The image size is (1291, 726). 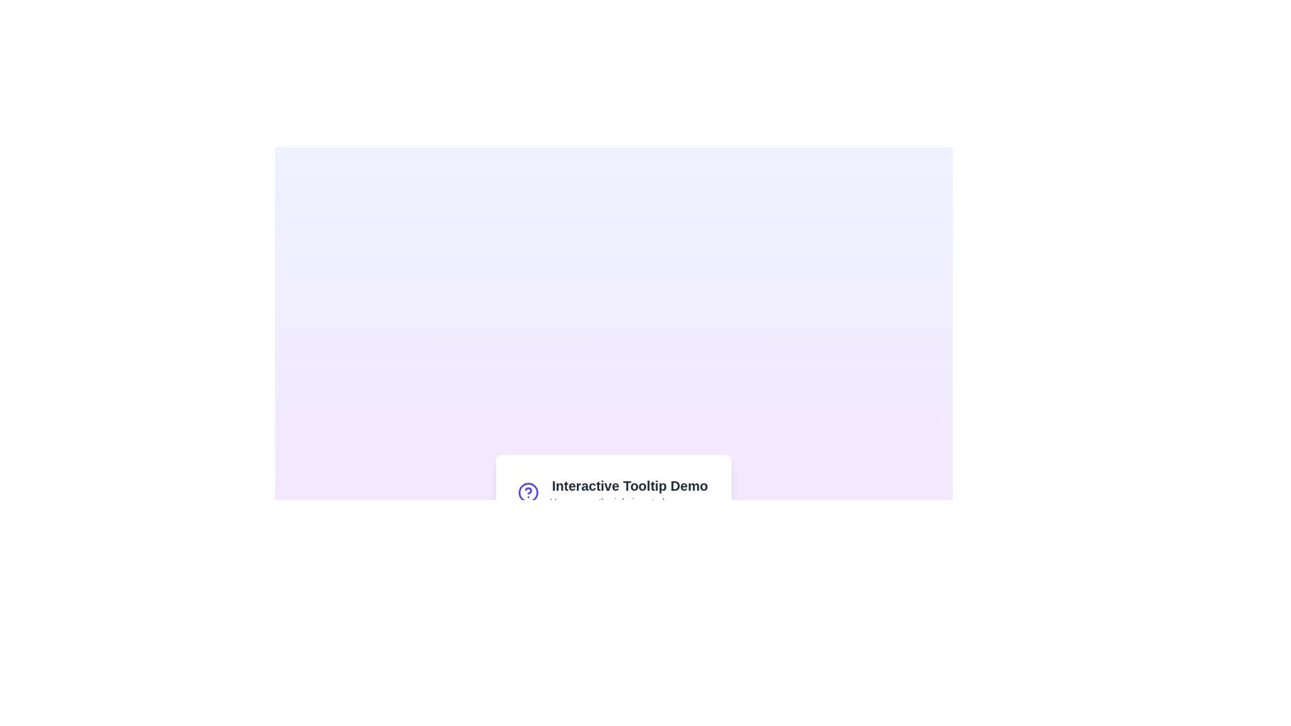 What do you see at coordinates (629, 485) in the screenshot?
I see `text content of the bold, extra-large dark gray text element displaying 'Interactive Tooltip Demo', which is positioned above the 'Hover over the info icon to learn more.' text` at bounding box center [629, 485].